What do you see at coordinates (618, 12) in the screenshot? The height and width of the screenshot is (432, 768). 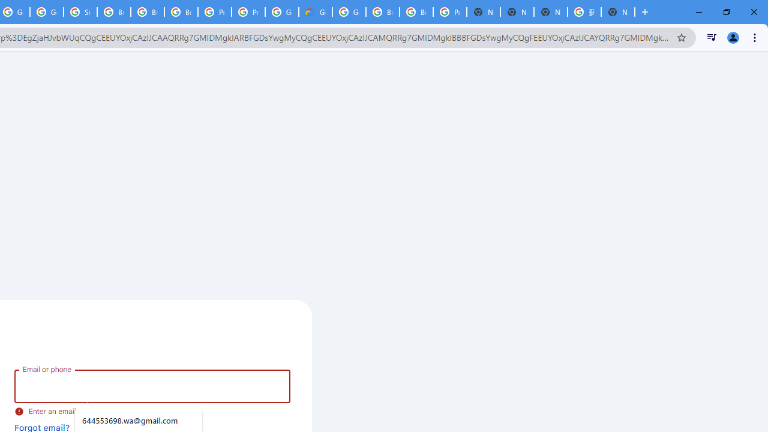 I see `'New Tab'` at bounding box center [618, 12].